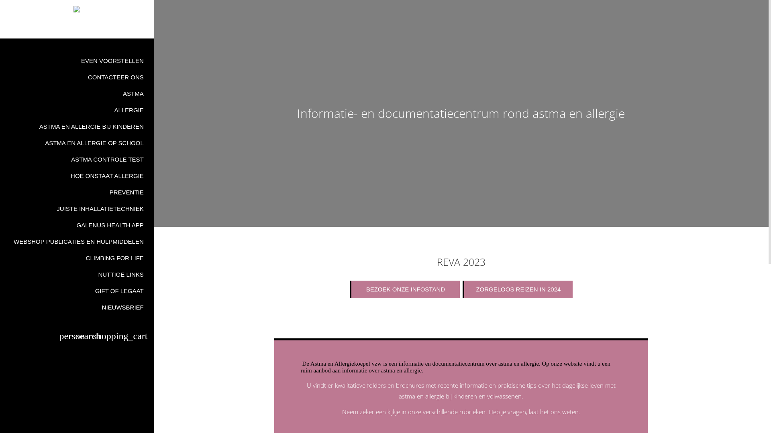 The image size is (771, 433). Describe the element at coordinates (77, 60) in the screenshot. I see `'EVEN VOORSTELLEN'` at that location.